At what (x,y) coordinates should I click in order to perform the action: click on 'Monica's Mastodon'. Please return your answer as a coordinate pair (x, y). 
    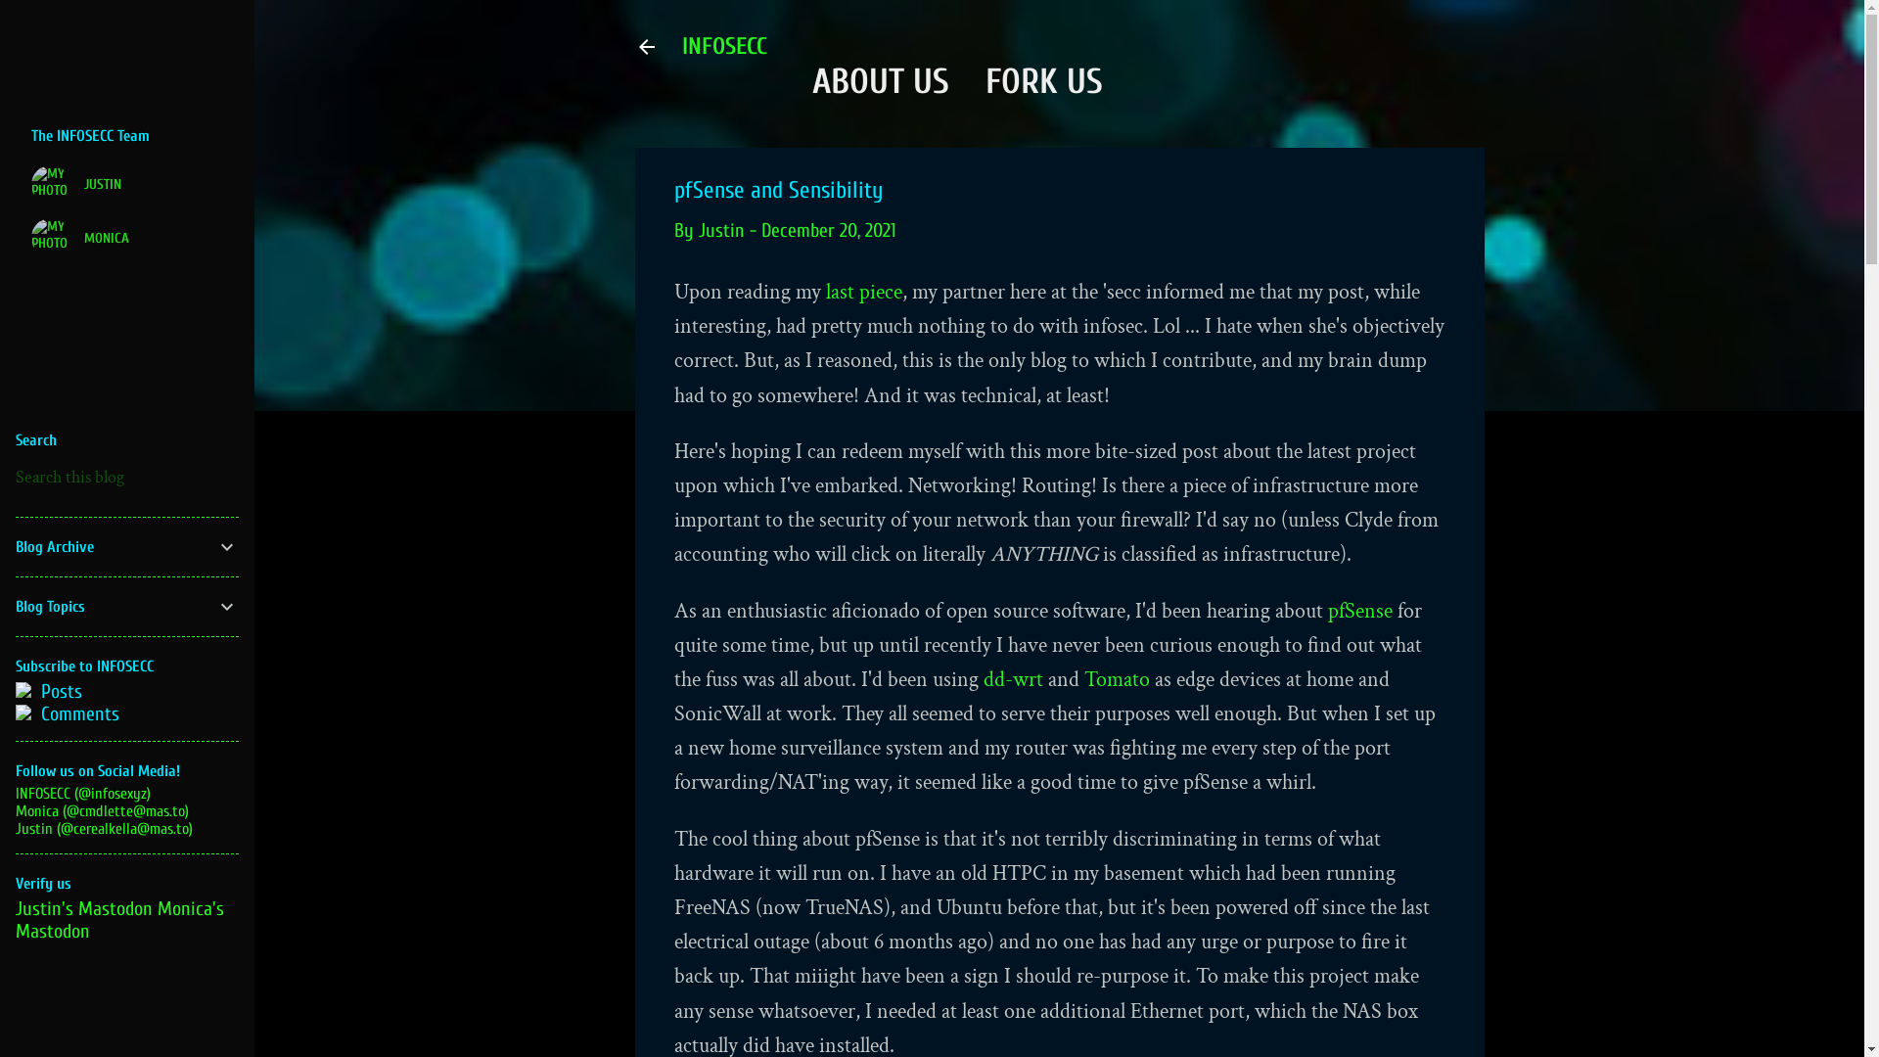
    Looking at the image, I should click on (118, 920).